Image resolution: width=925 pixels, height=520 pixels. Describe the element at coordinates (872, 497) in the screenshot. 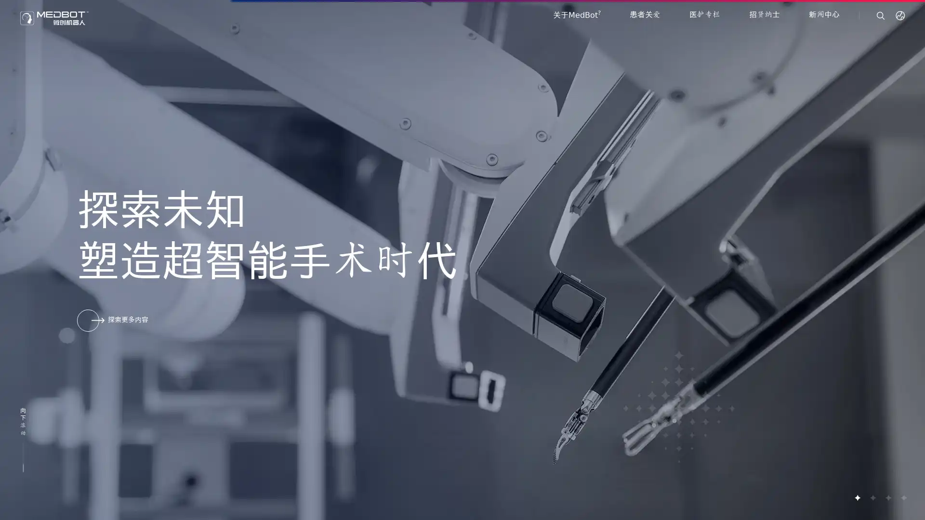

I see `Go to slide 2` at that location.